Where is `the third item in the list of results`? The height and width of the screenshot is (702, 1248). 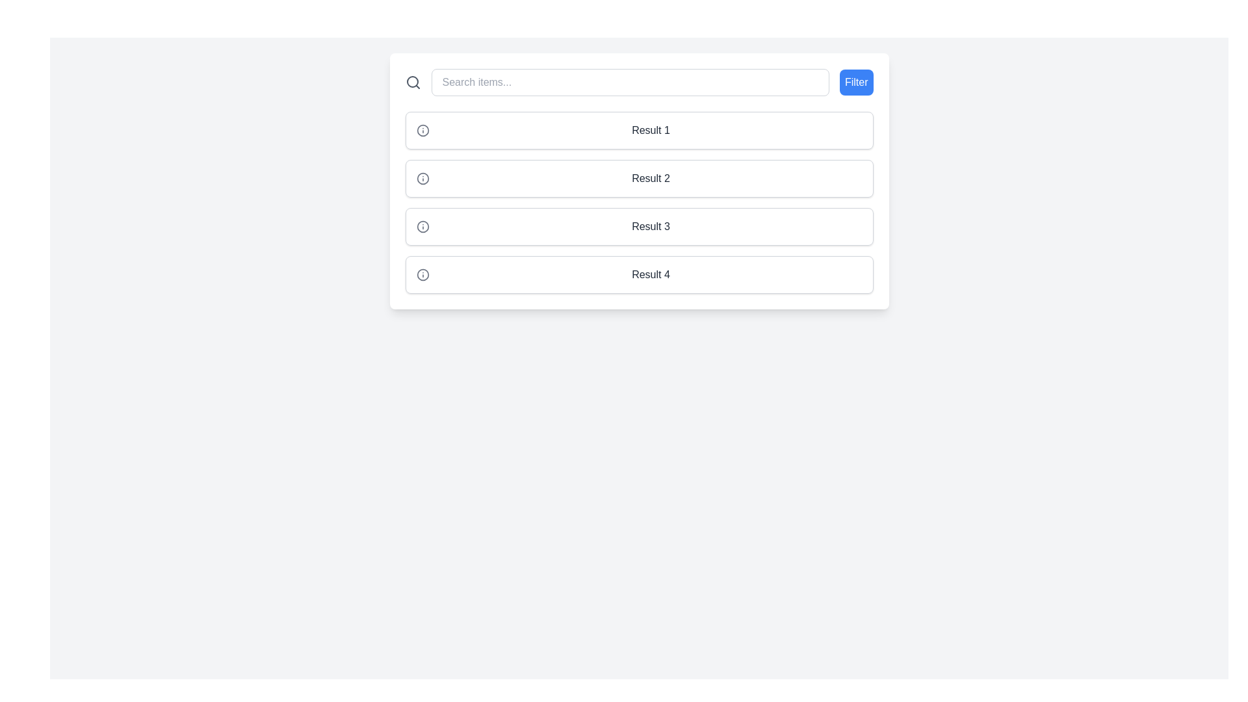 the third item in the list of results is located at coordinates (639, 203).